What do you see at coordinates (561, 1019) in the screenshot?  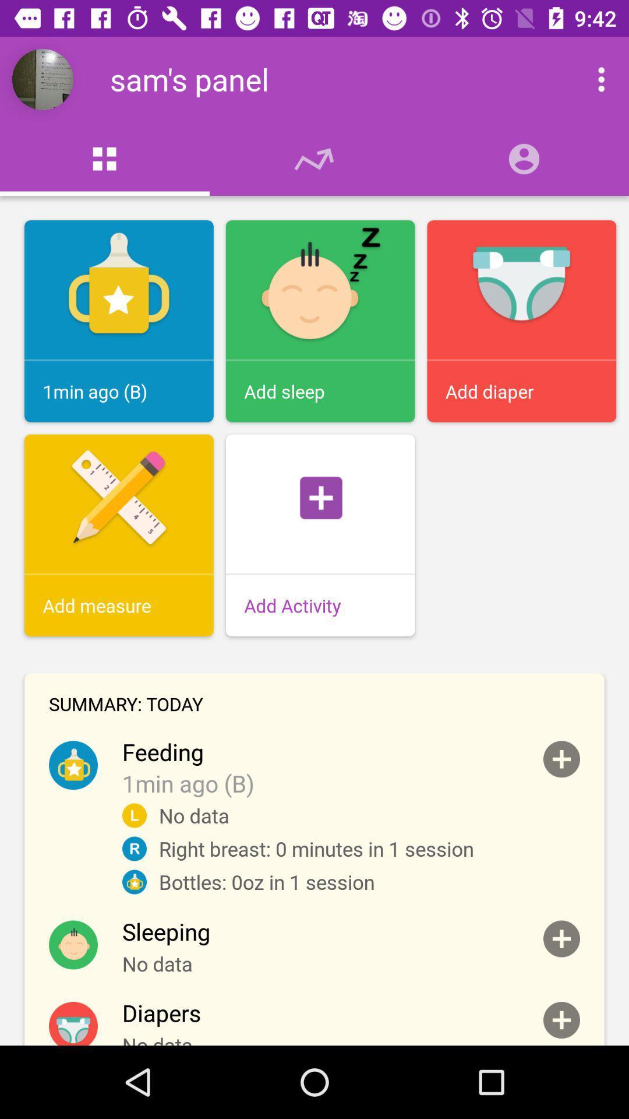 I see `diapers` at bounding box center [561, 1019].